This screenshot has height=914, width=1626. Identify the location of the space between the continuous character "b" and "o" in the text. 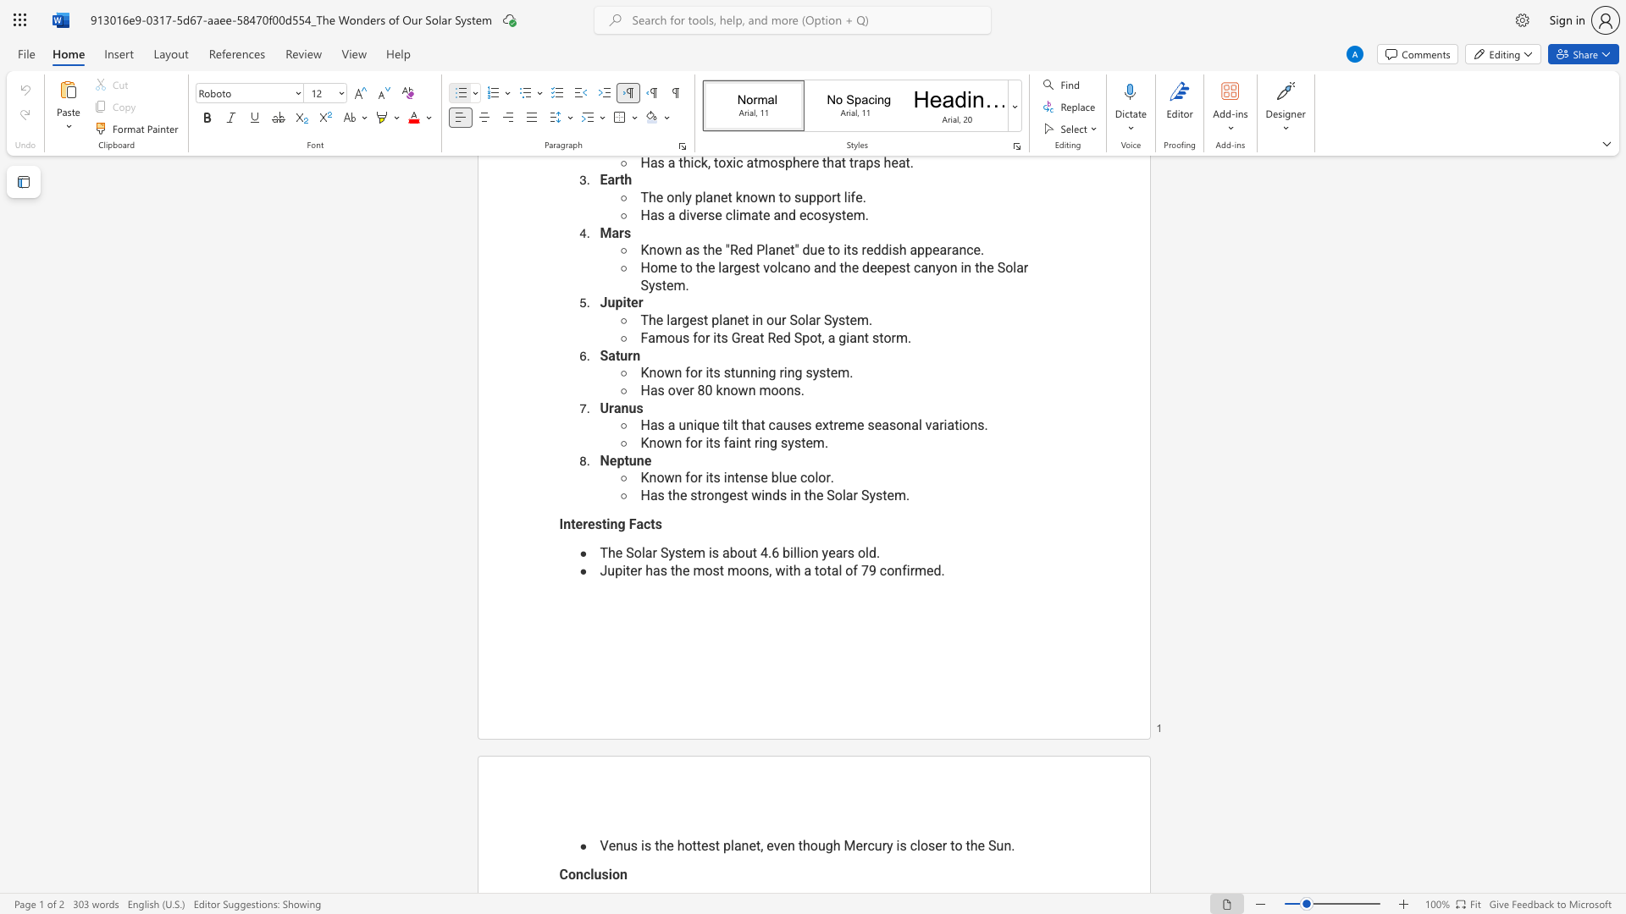
(737, 553).